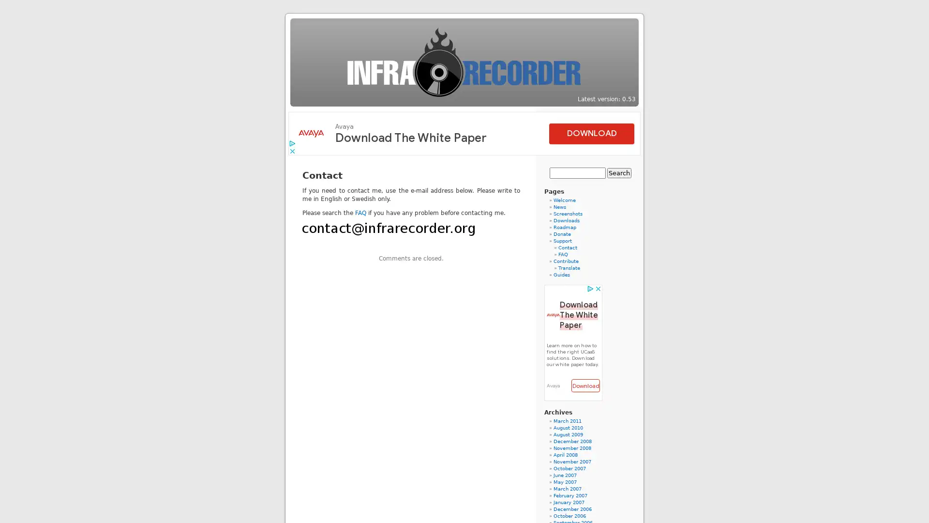  What do you see at coordinates (618, 172) in the screenshot?
I see `Search` at bounding box center [618, 172].